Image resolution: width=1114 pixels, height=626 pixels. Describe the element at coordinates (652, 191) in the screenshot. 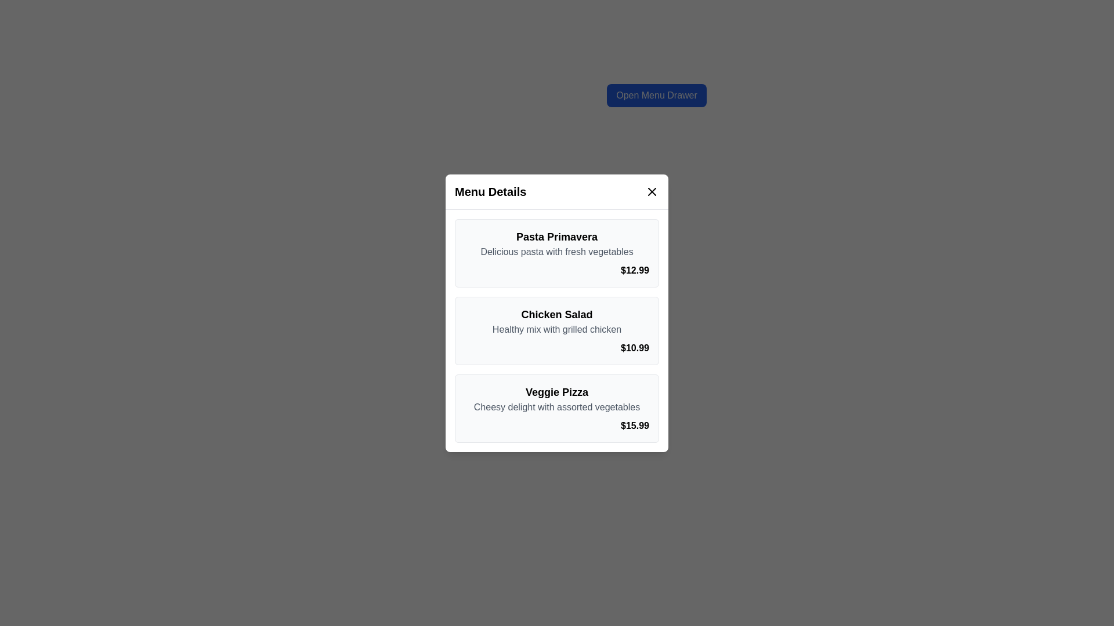

I see `the Close button represented as an SVG graphic located in the top-right corner of the modal window labeled 'Menu Details'` at that location.